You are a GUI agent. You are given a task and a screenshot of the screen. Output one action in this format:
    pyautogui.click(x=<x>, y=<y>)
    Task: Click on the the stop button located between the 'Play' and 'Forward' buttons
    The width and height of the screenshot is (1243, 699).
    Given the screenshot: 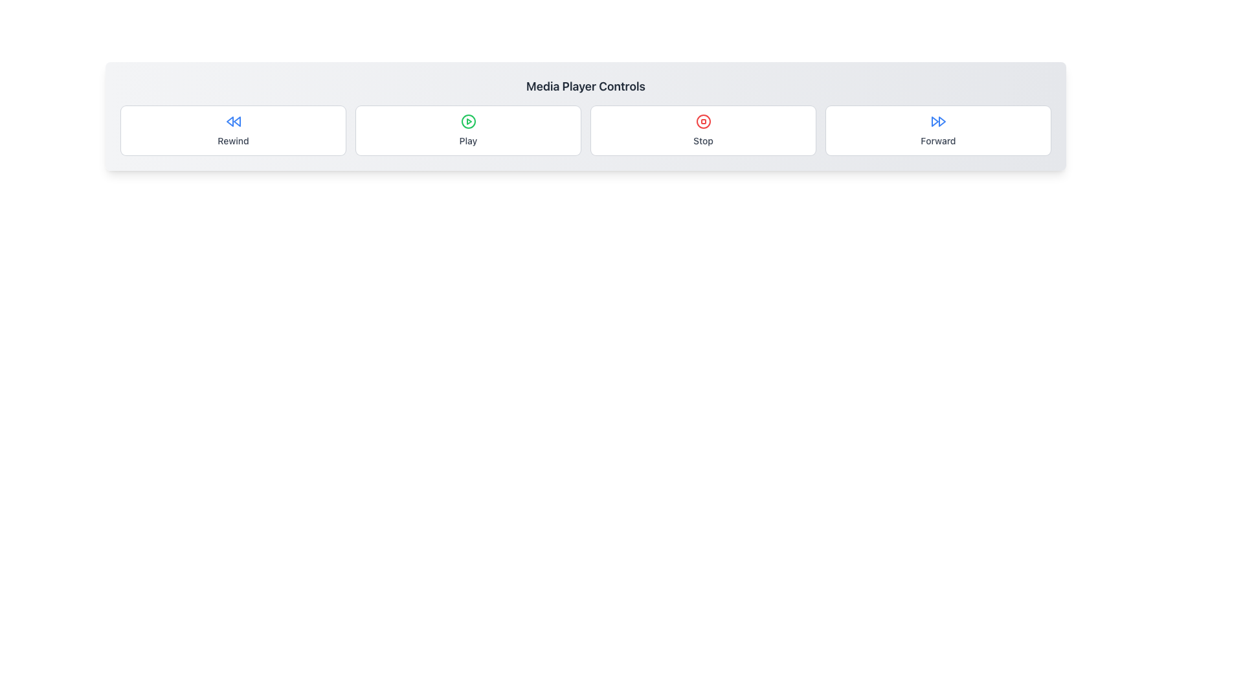 What is the action you would take?
    pyautogui.click(x=702, y=122)
    